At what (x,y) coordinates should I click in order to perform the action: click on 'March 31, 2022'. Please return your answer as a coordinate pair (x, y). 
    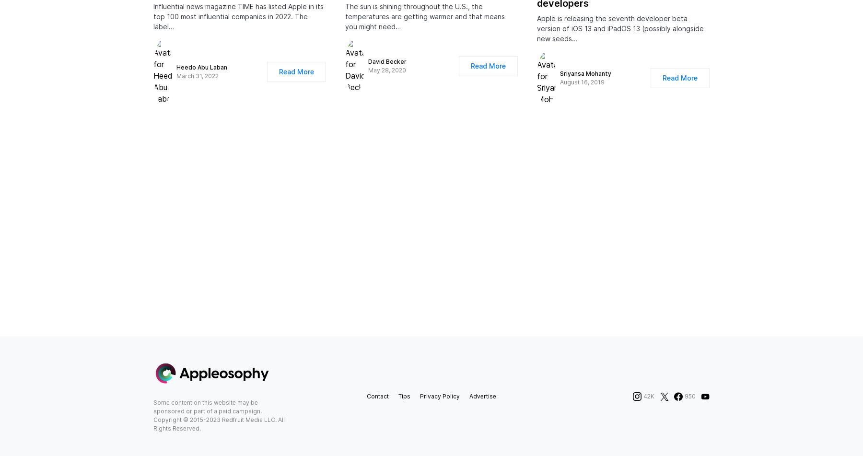
    Looking at the image, I should click on (198, 85).